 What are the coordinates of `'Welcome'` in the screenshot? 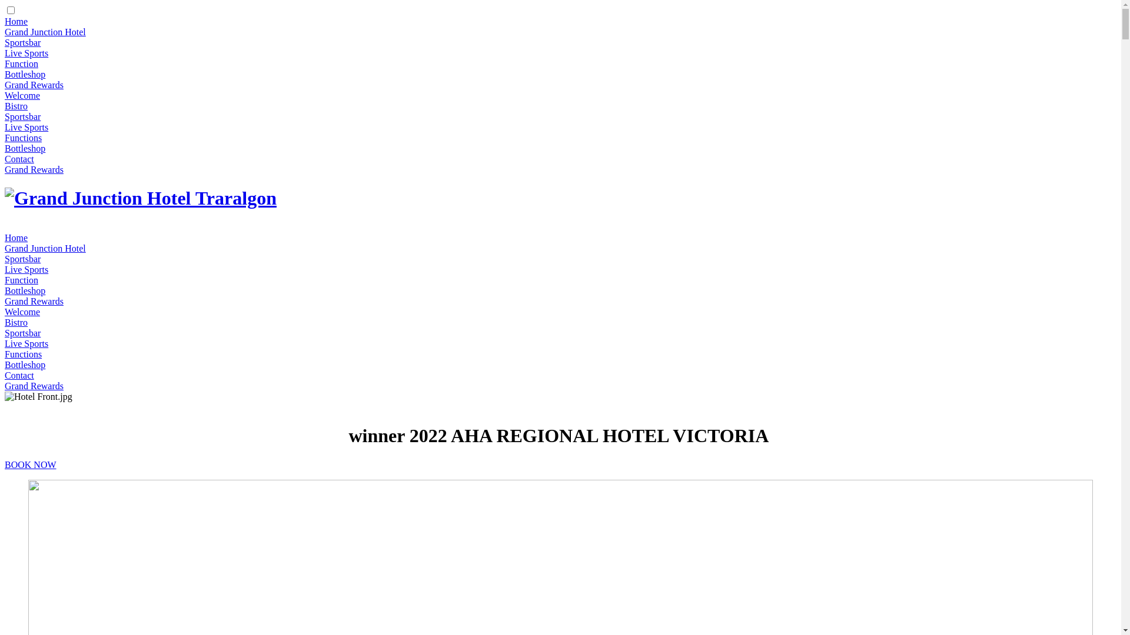 It's located at (22, 95).